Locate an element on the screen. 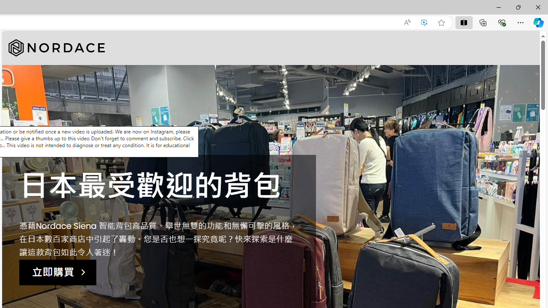 This screenshot has width=548, height=308. 'Restore' is located at coordinates (518, 7).